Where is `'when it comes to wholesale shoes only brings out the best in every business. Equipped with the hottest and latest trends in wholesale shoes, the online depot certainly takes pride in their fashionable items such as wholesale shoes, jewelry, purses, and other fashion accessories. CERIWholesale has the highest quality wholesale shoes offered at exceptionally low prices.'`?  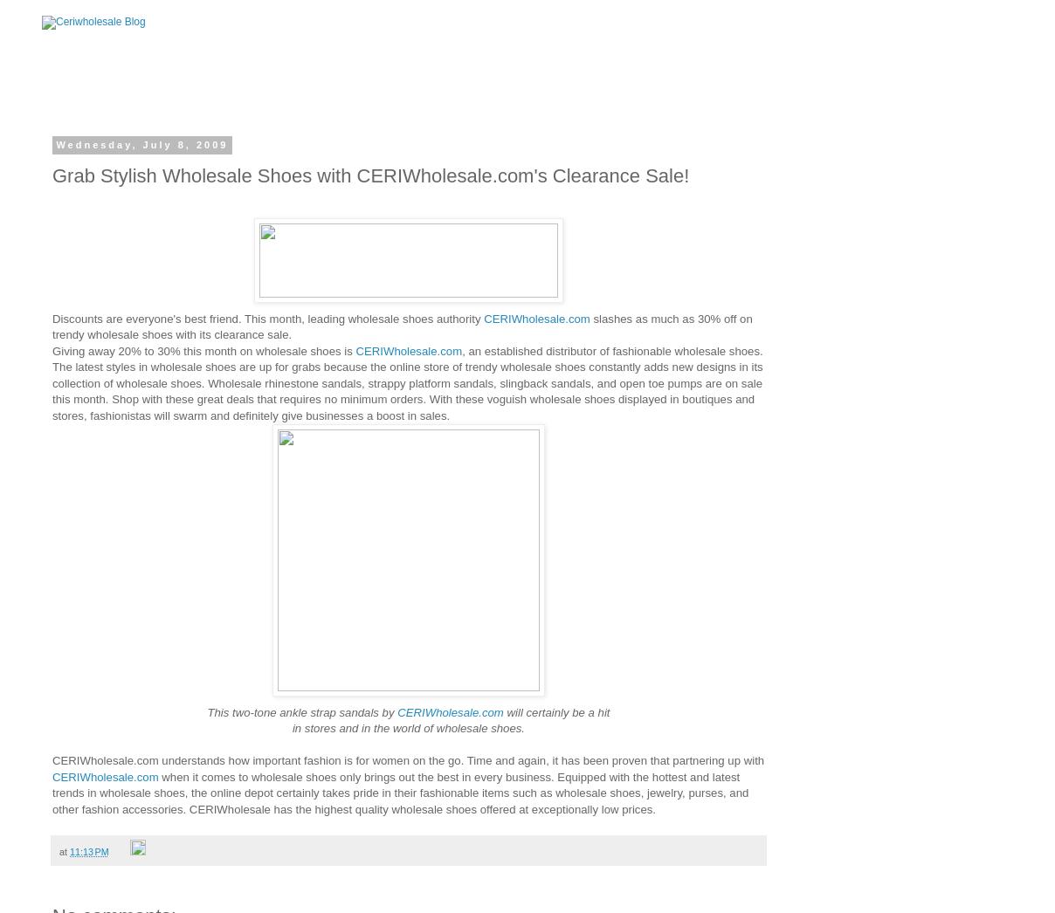 'when it comes to wholesale shoes only brings out the best in every business. Equipped with the hottest and latest trends in wholesale shoes, the online depot certainly takes pride in their fashionable items such as wholesale shoes, jewelry, purses, and other fashion accessories. CERIWholesale has the highest quality wholesale shoes offered at exceptionally low prices.' is located at coordinates (400, 793).